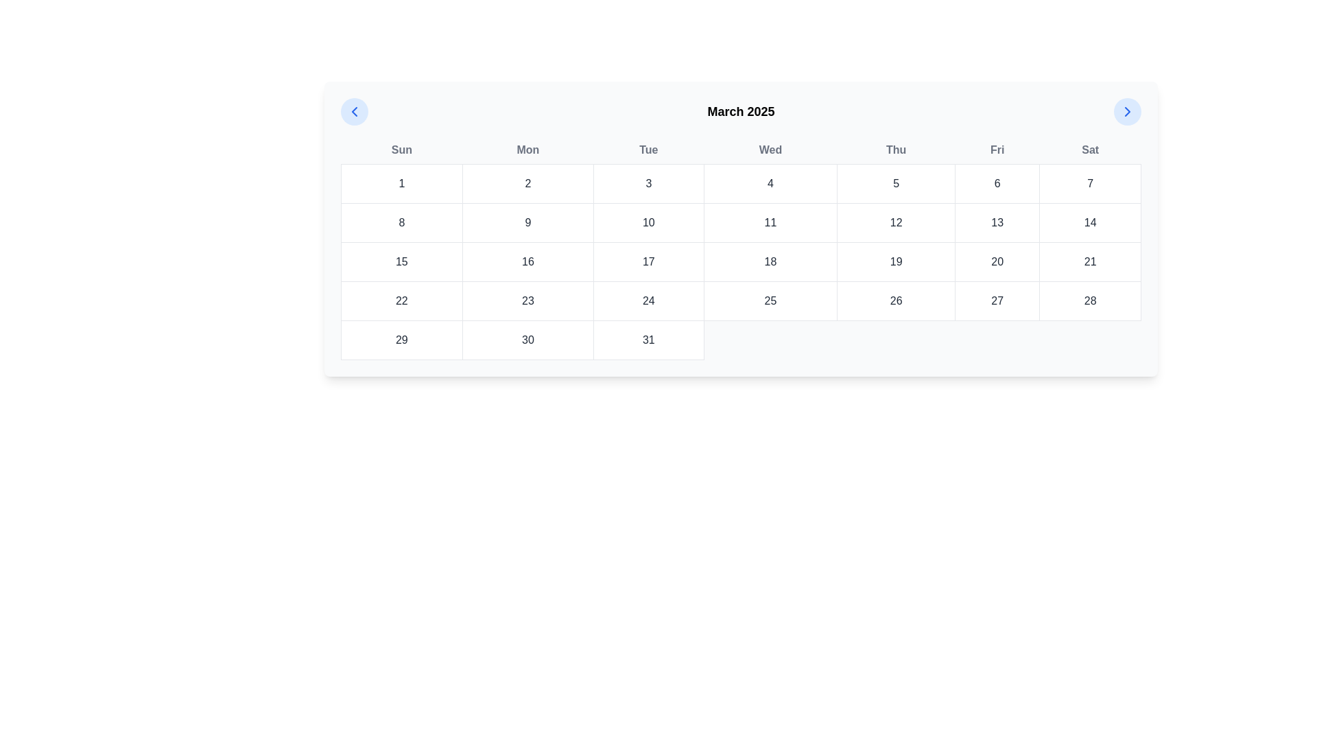 The width and height of the screenshot is (1317, 741). I want to click on the selectable calendar cell containing the number '16', so click(527, 261).